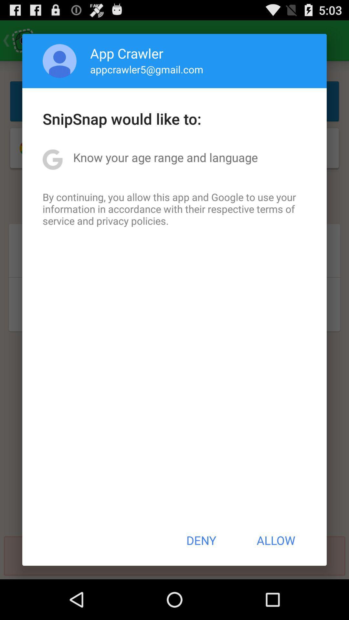 This screenshot has height=620, width=349. I want to click on the item below snipsnap would like app, so click(165, 157).